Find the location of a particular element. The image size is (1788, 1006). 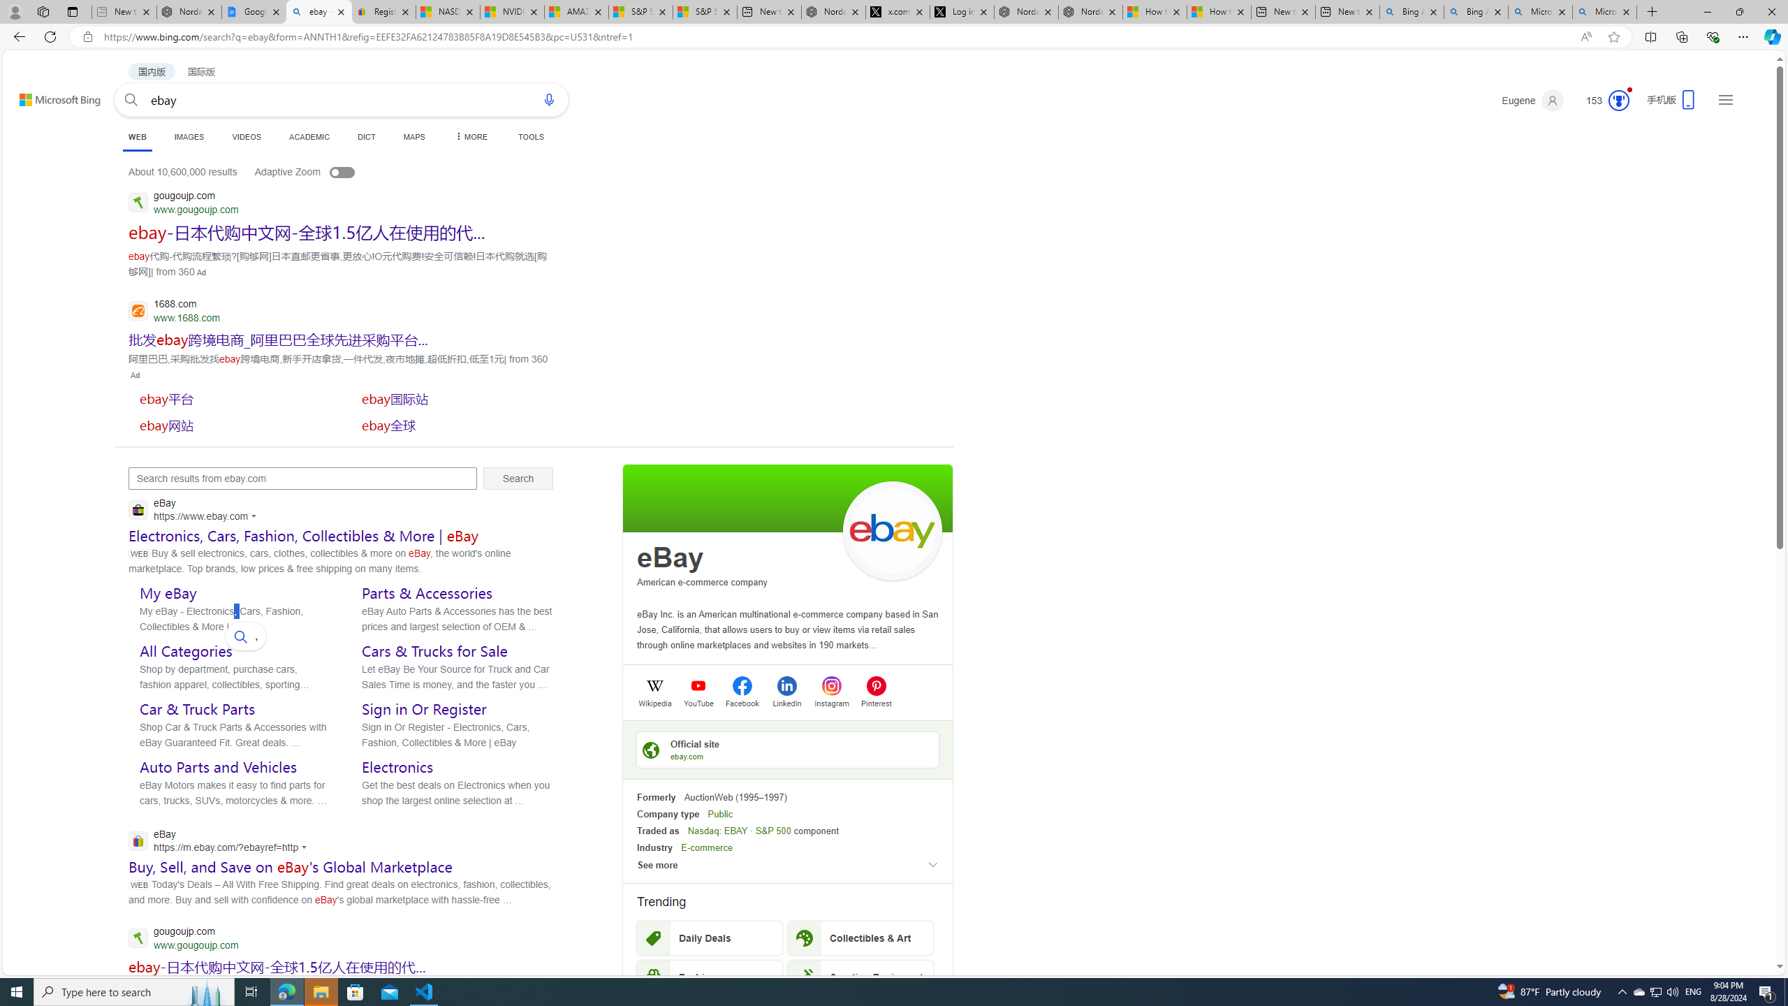

'Adaptive Zoom' is located at coordinates (318, 171).